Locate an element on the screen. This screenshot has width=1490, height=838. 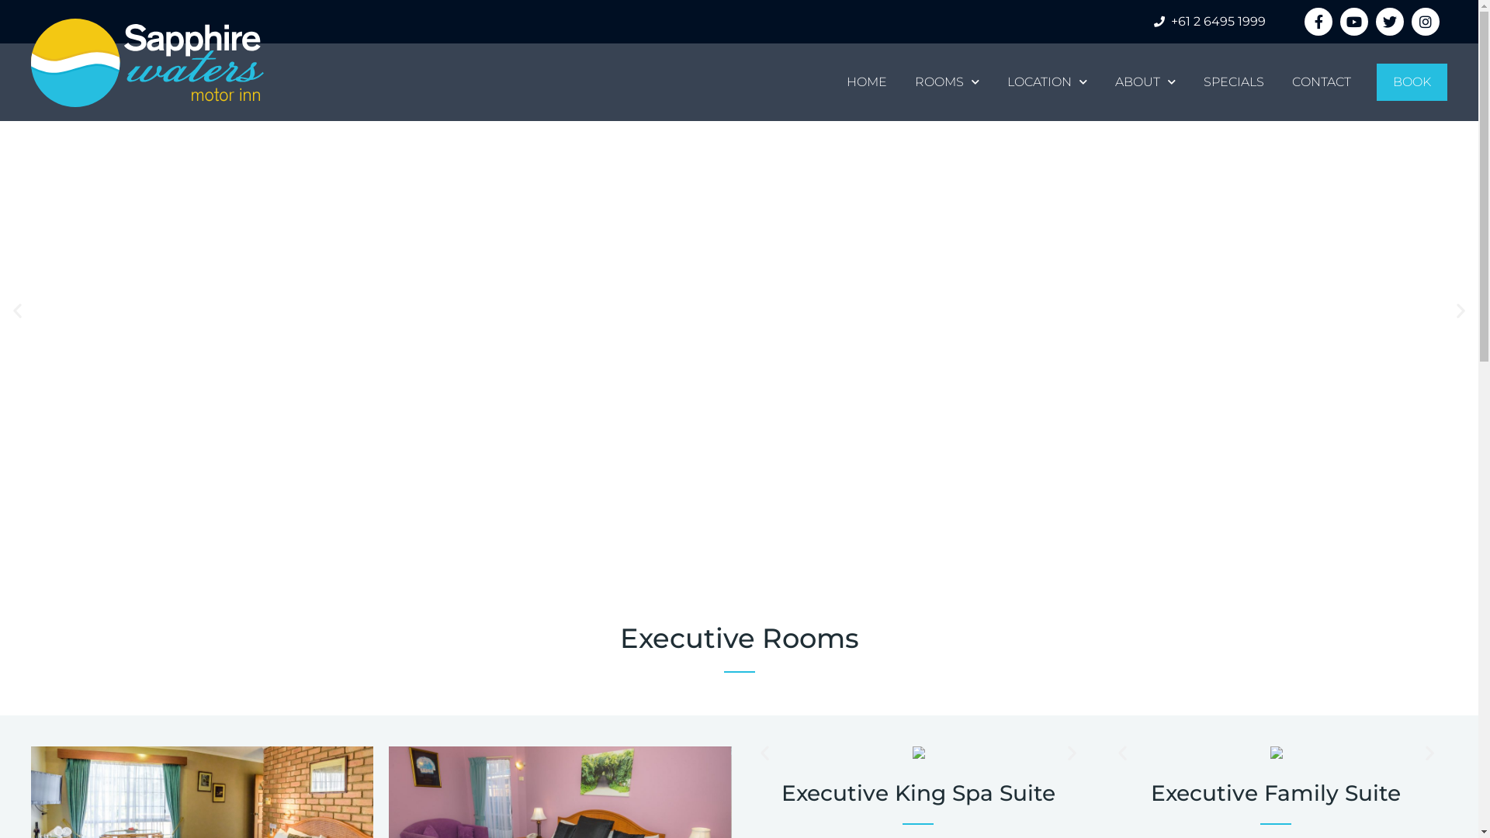
'ROOMS' is located at coordinates (946, 81).